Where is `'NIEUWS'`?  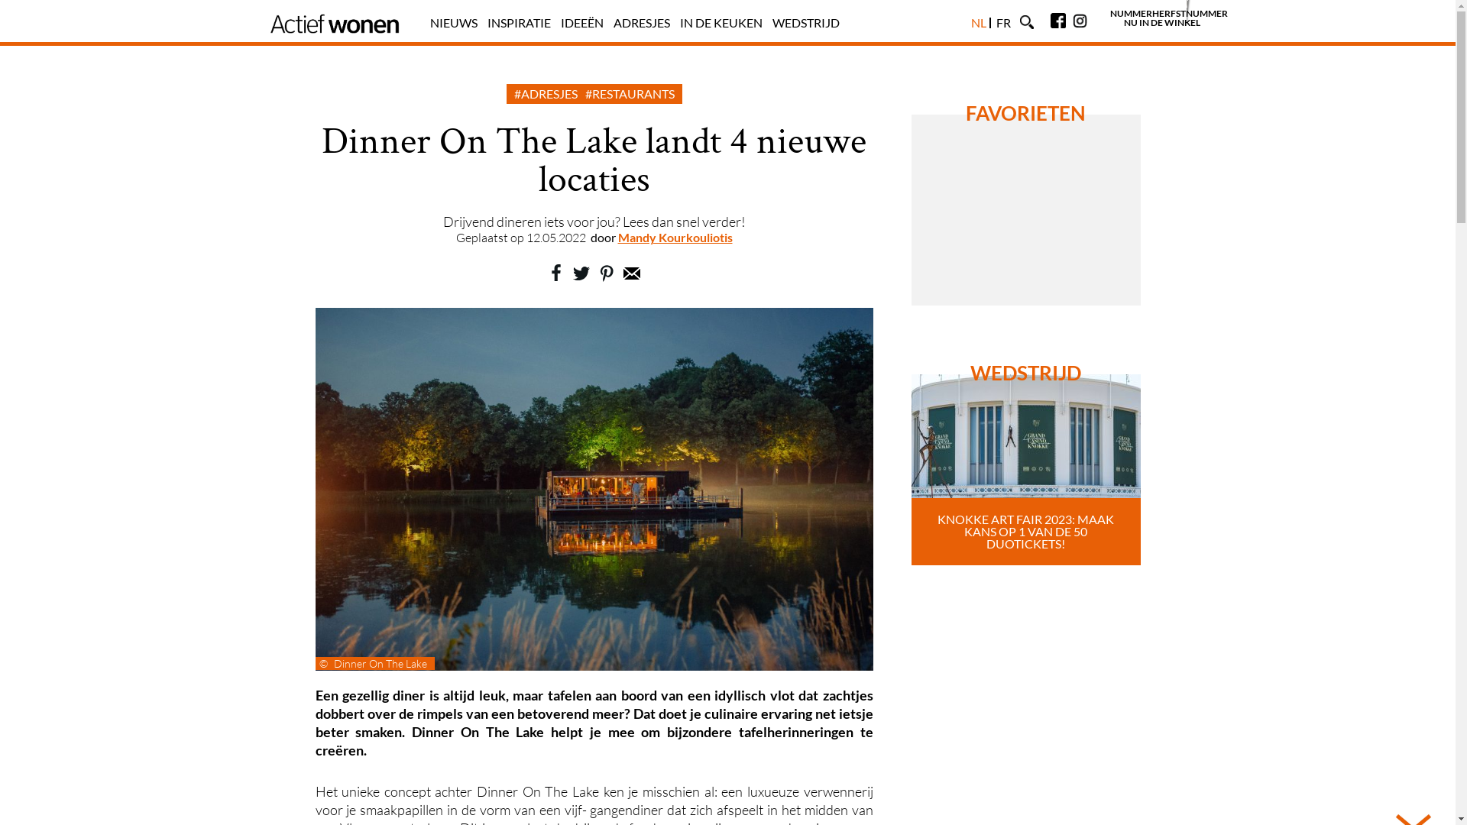
'NIEUWS' is located at coordinates (452, 22).